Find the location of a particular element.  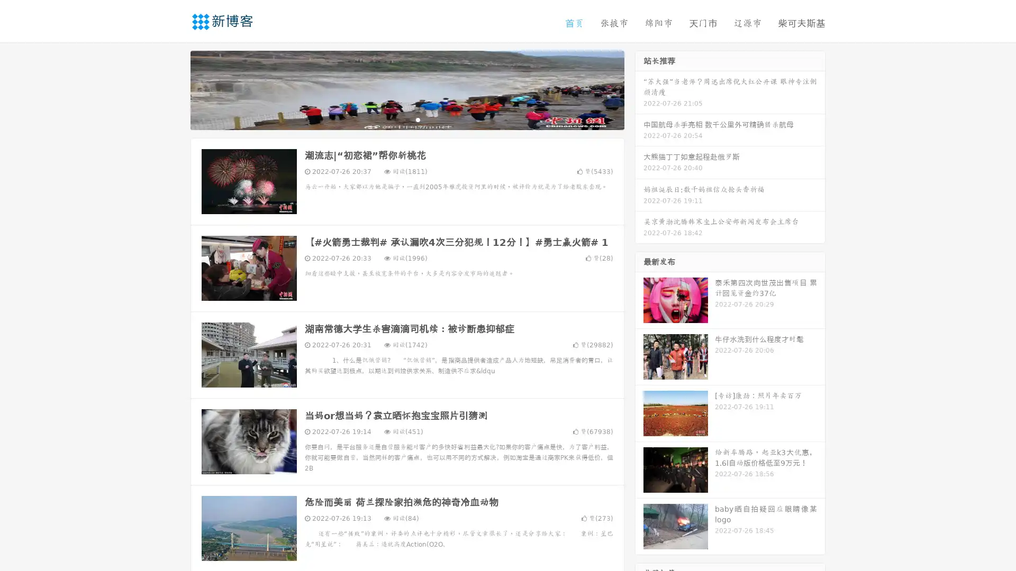

Go to slide 2 is located at coordinates (406, 119).